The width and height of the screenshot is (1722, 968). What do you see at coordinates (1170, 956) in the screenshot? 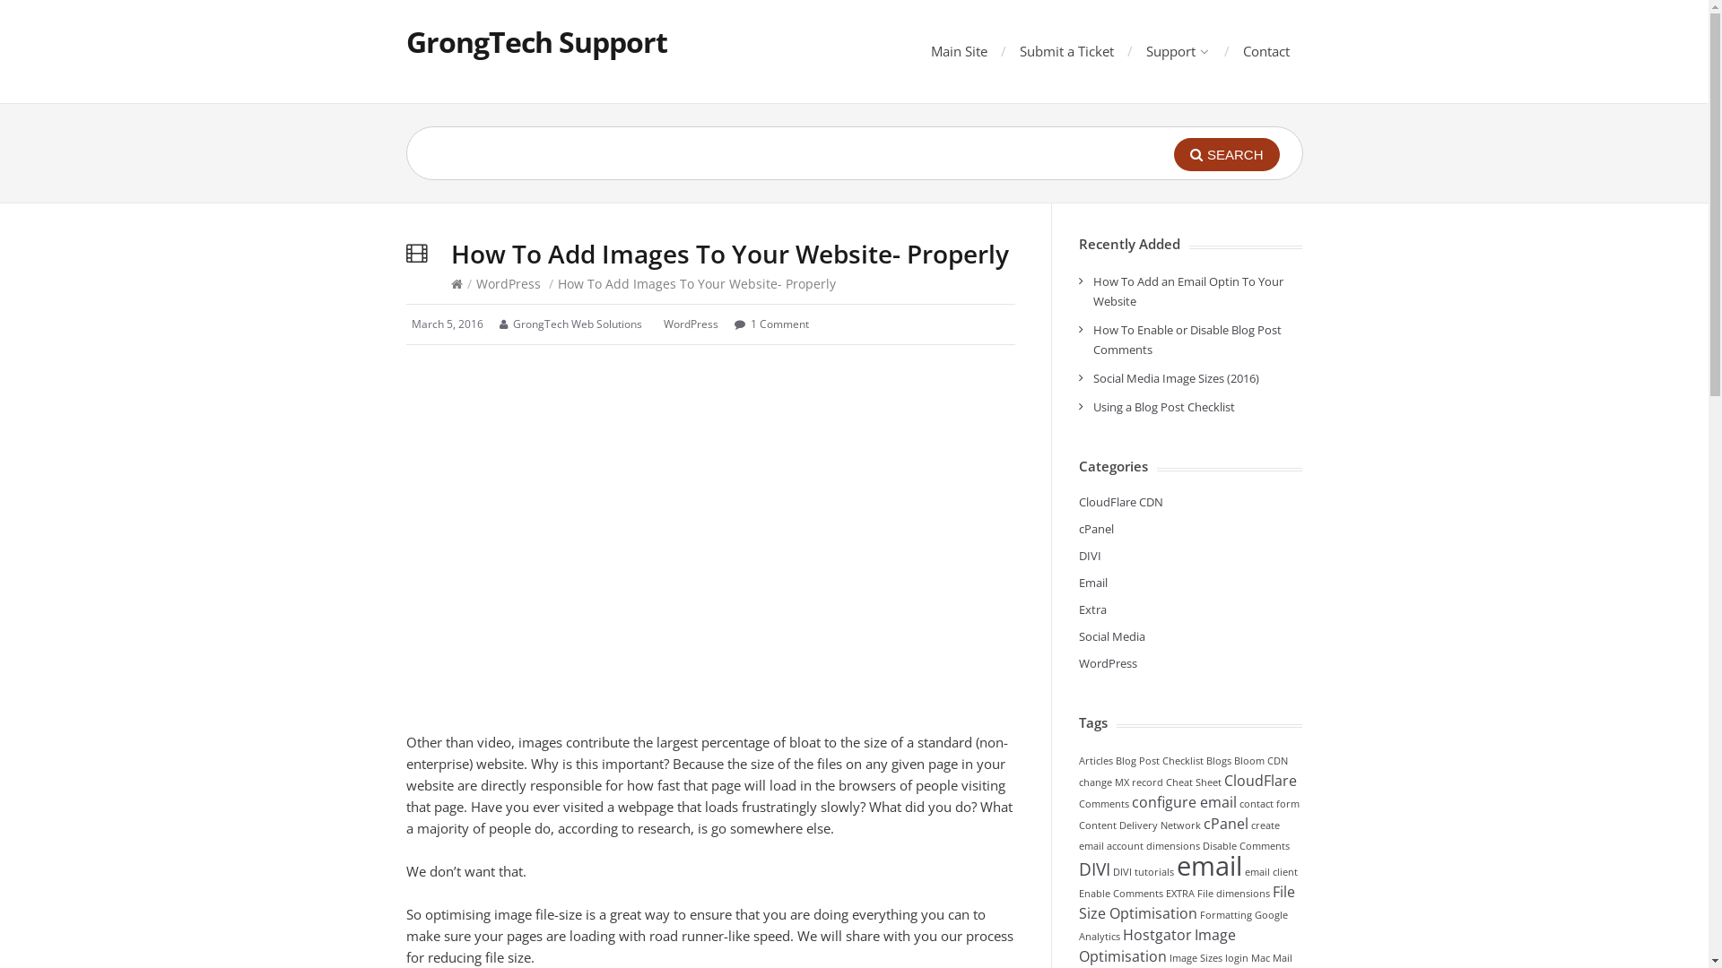
I see `'Image Sizes'` at bounding box center [1170, 956].